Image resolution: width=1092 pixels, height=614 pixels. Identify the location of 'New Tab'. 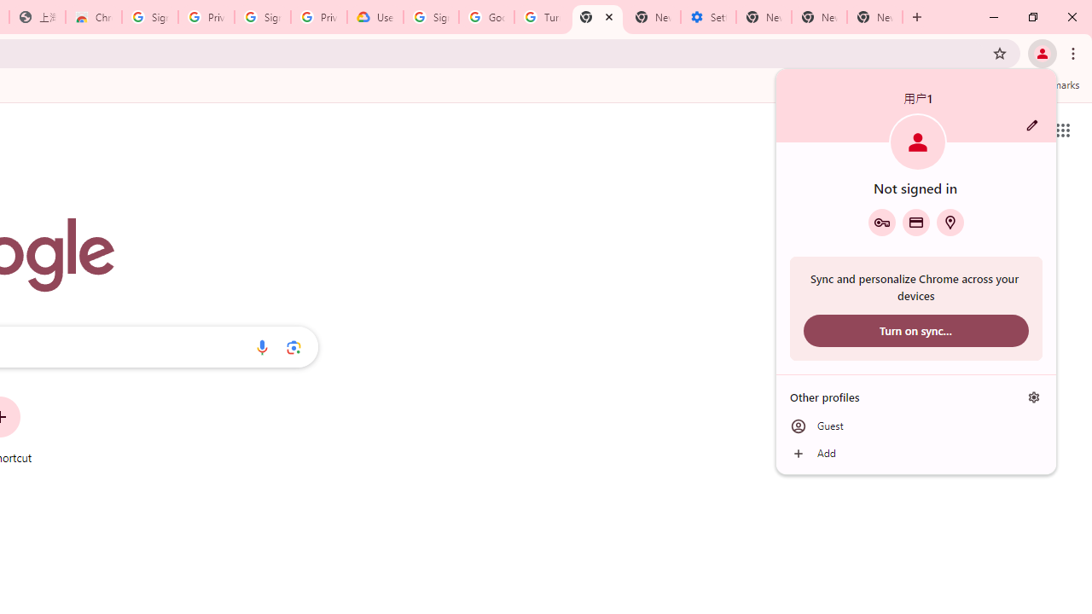
(874, 17).